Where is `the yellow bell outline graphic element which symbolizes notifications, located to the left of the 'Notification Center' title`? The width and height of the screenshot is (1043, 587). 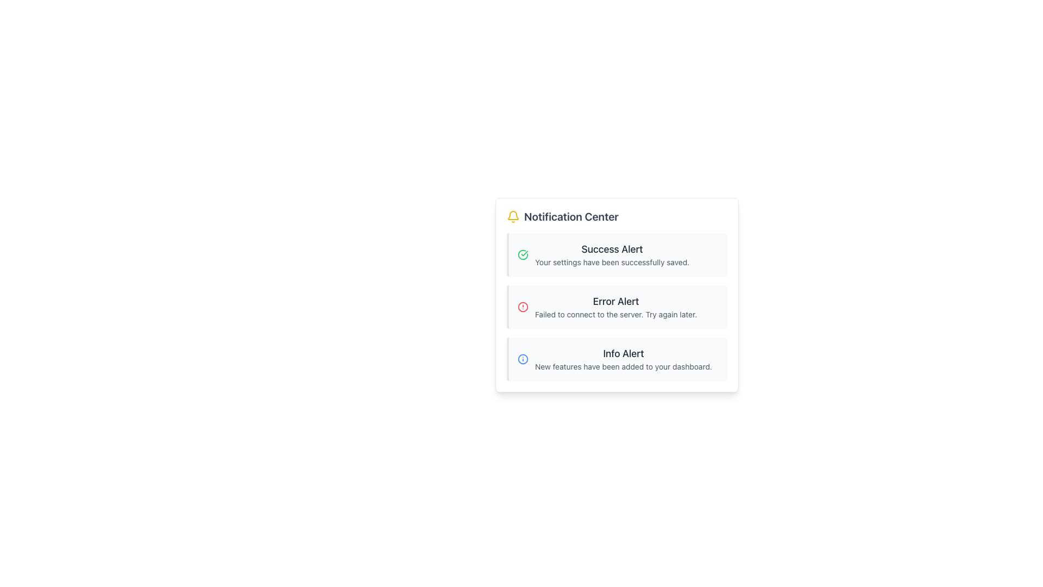 the yellow bell outline graphic element which symbolizes notifications, located to the left of the 'Notification Center' title is located at coordinates (513, 215).